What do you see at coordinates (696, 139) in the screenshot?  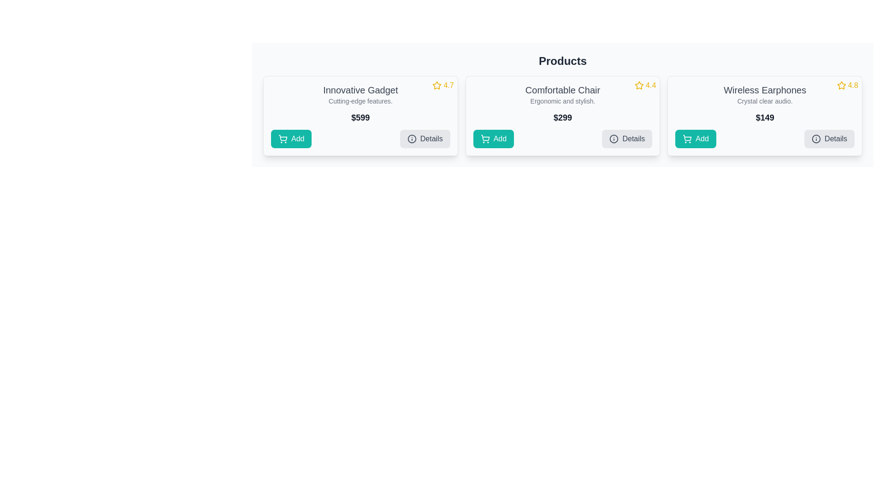 I see `the 'Add' button with a teal background and white text, featuring a shopping cart icon, located in the rightmost card of the three-card layout` at bounding box center [696, 139].